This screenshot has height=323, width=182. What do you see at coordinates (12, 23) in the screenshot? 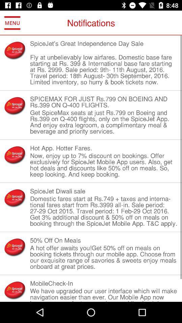
I see `icon to the left of notifications item` at bounding box center [12, 23].